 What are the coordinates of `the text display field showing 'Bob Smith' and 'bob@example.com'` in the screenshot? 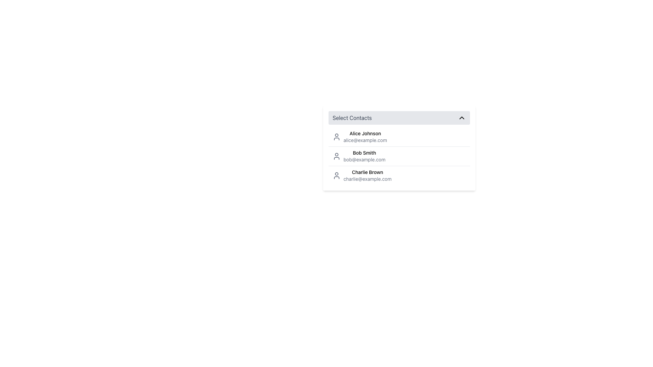 It's located at (364, 156).